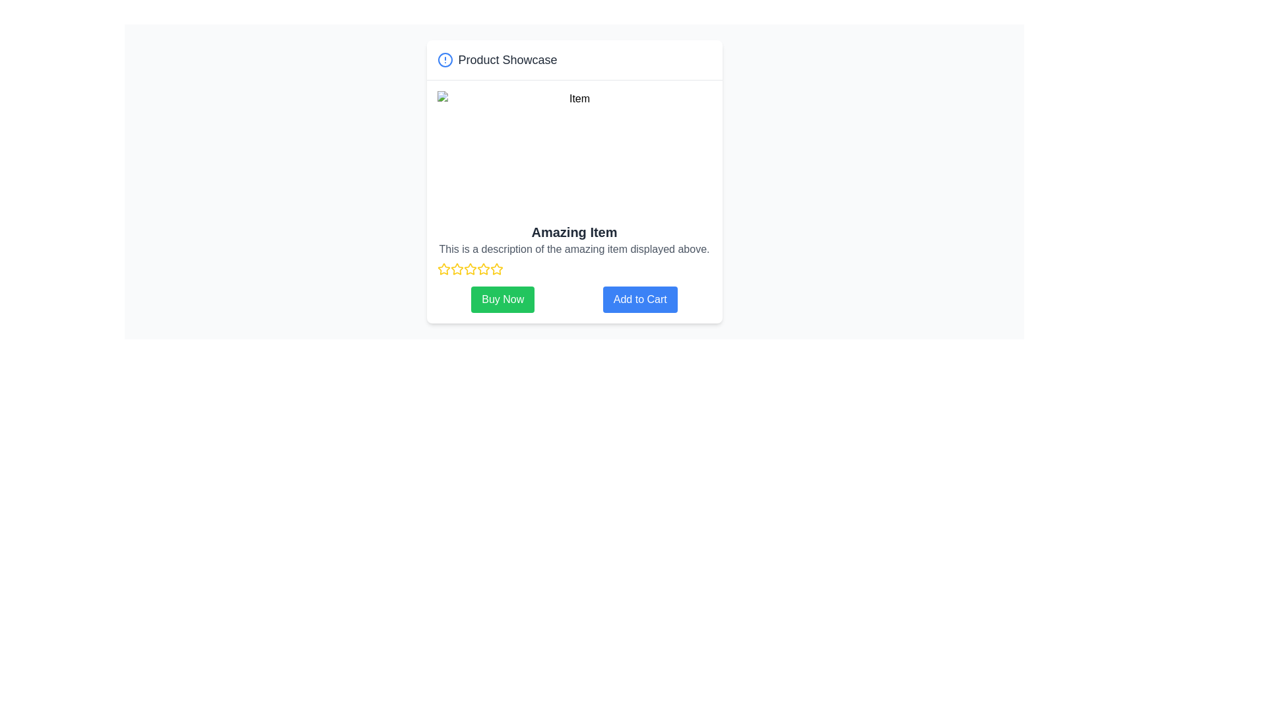  I want to click on the fourth star-shaped icon in the rating bar, which is highlighted in yellow and located beneath the 'Amazing Item' description, so click(470, 269).